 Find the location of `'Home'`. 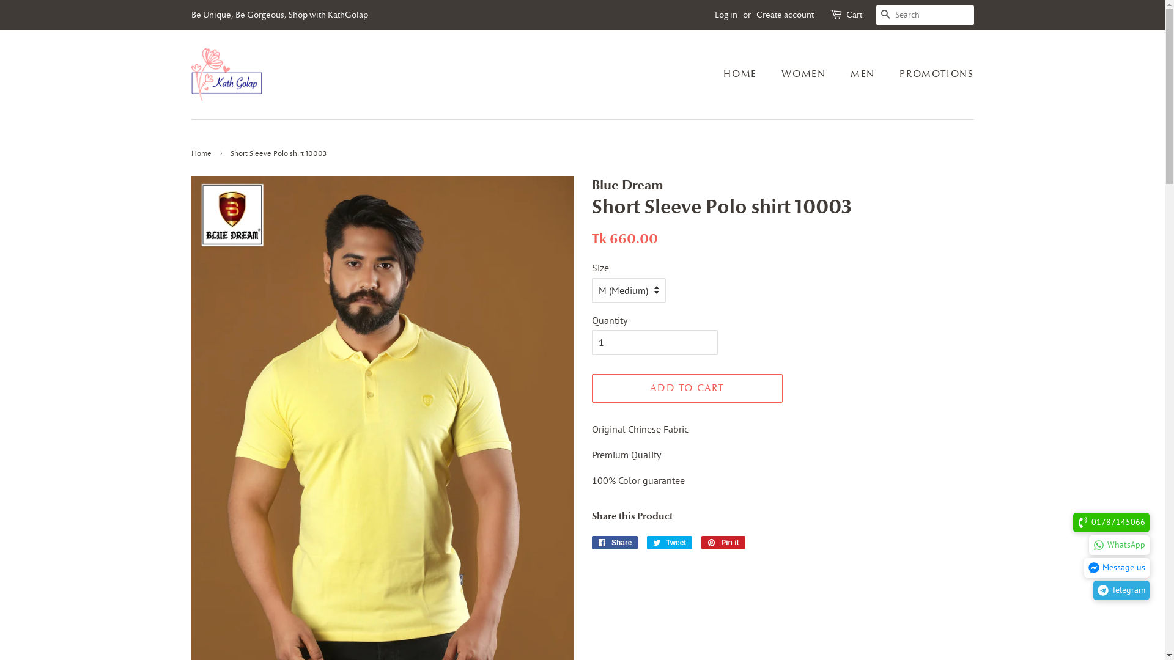

'Home' is located at coordinates (190, 152).